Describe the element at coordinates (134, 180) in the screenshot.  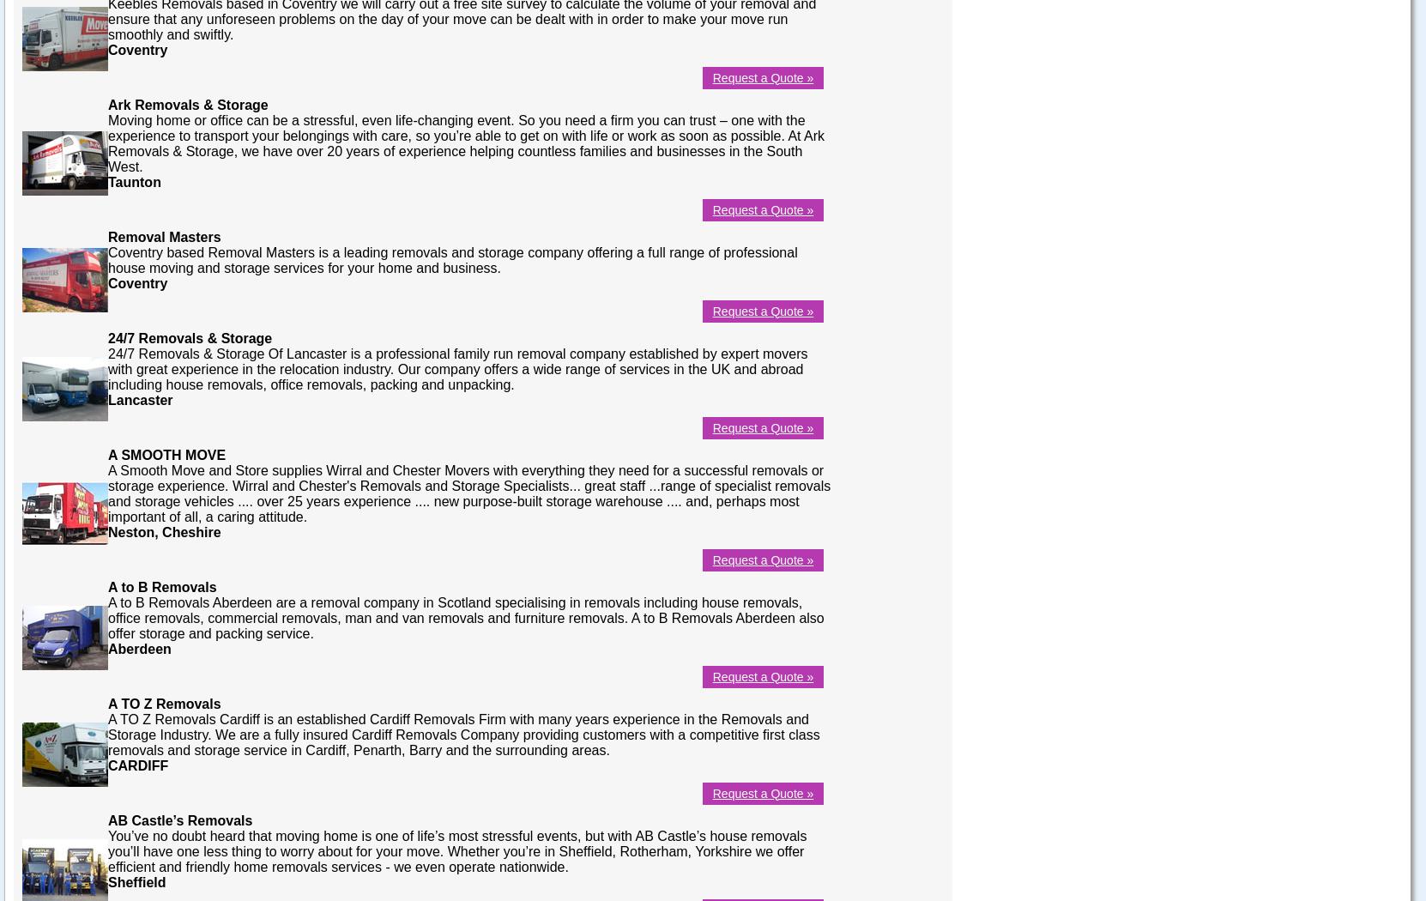
I see `'Taunton'` at that location.